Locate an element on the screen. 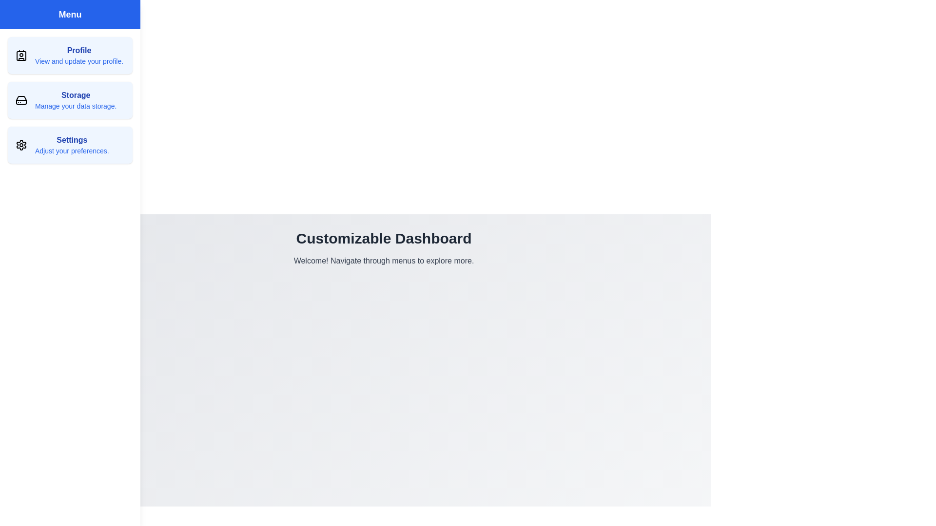 Image resolution: width=936 pixels, height=526 pixels. button at the top-left corner of the screen to toggle the navigation drawer's visibility is located at coordinates (19, 19).